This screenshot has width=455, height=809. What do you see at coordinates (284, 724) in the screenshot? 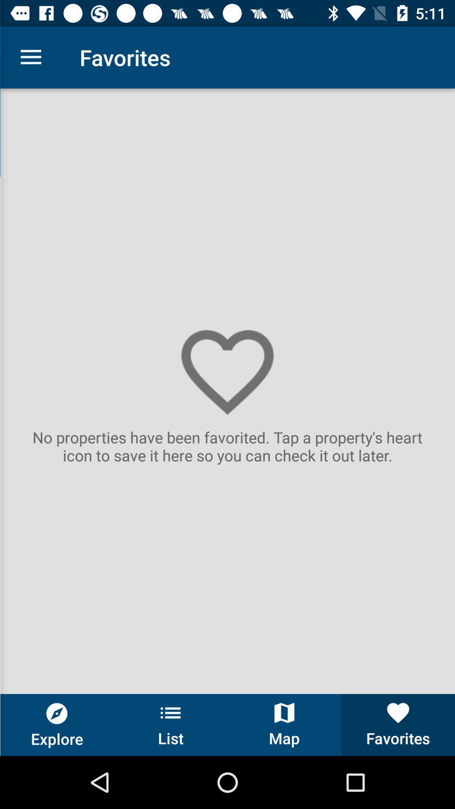
I see `icon next to the favorites button` at bounding box center [284, 724].